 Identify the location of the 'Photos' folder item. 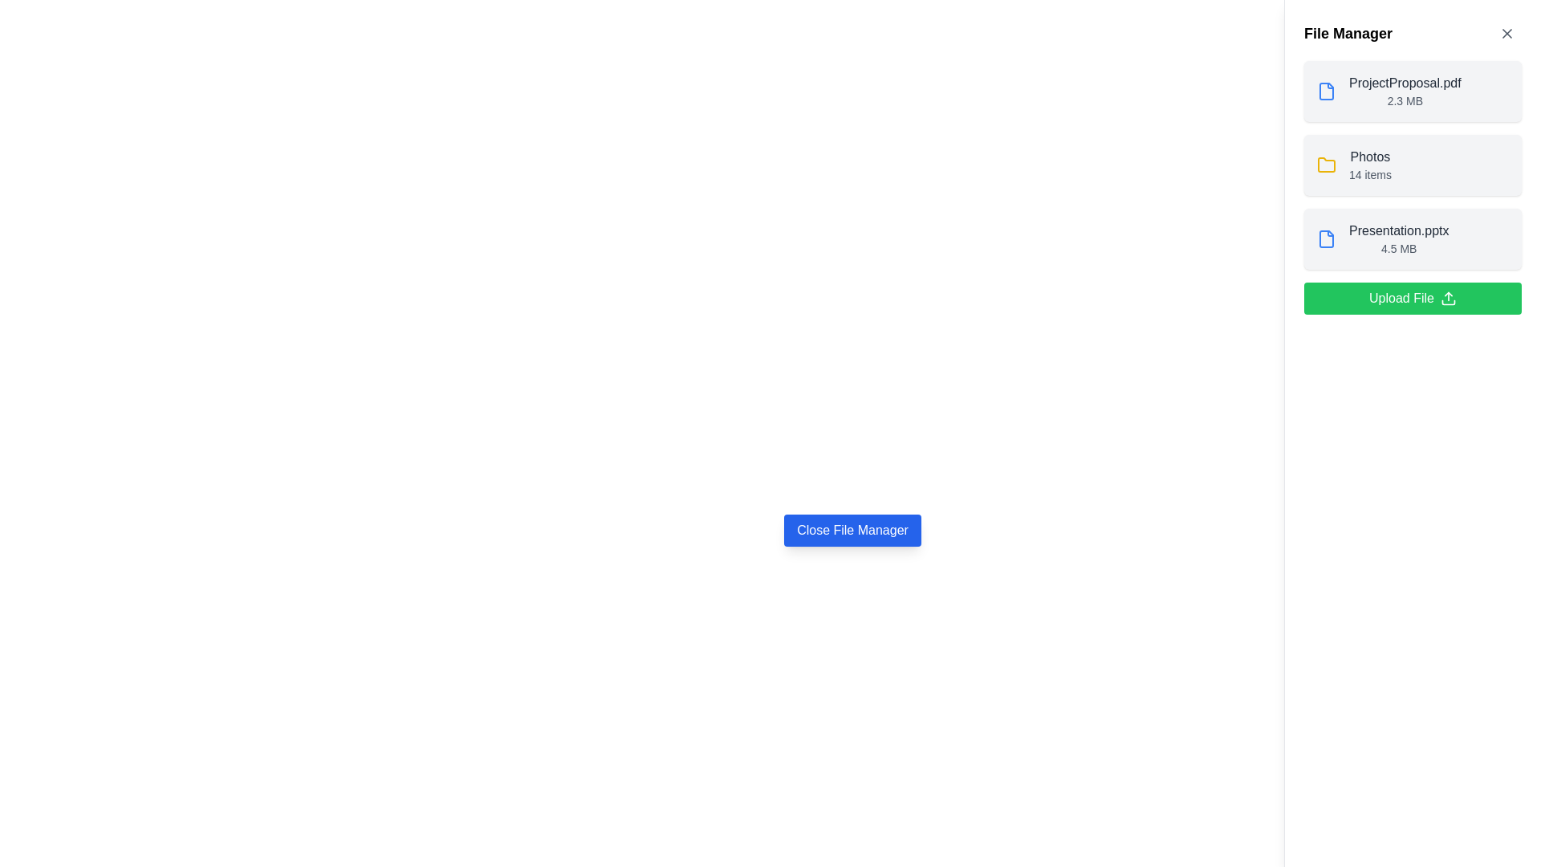
(1413, 165).